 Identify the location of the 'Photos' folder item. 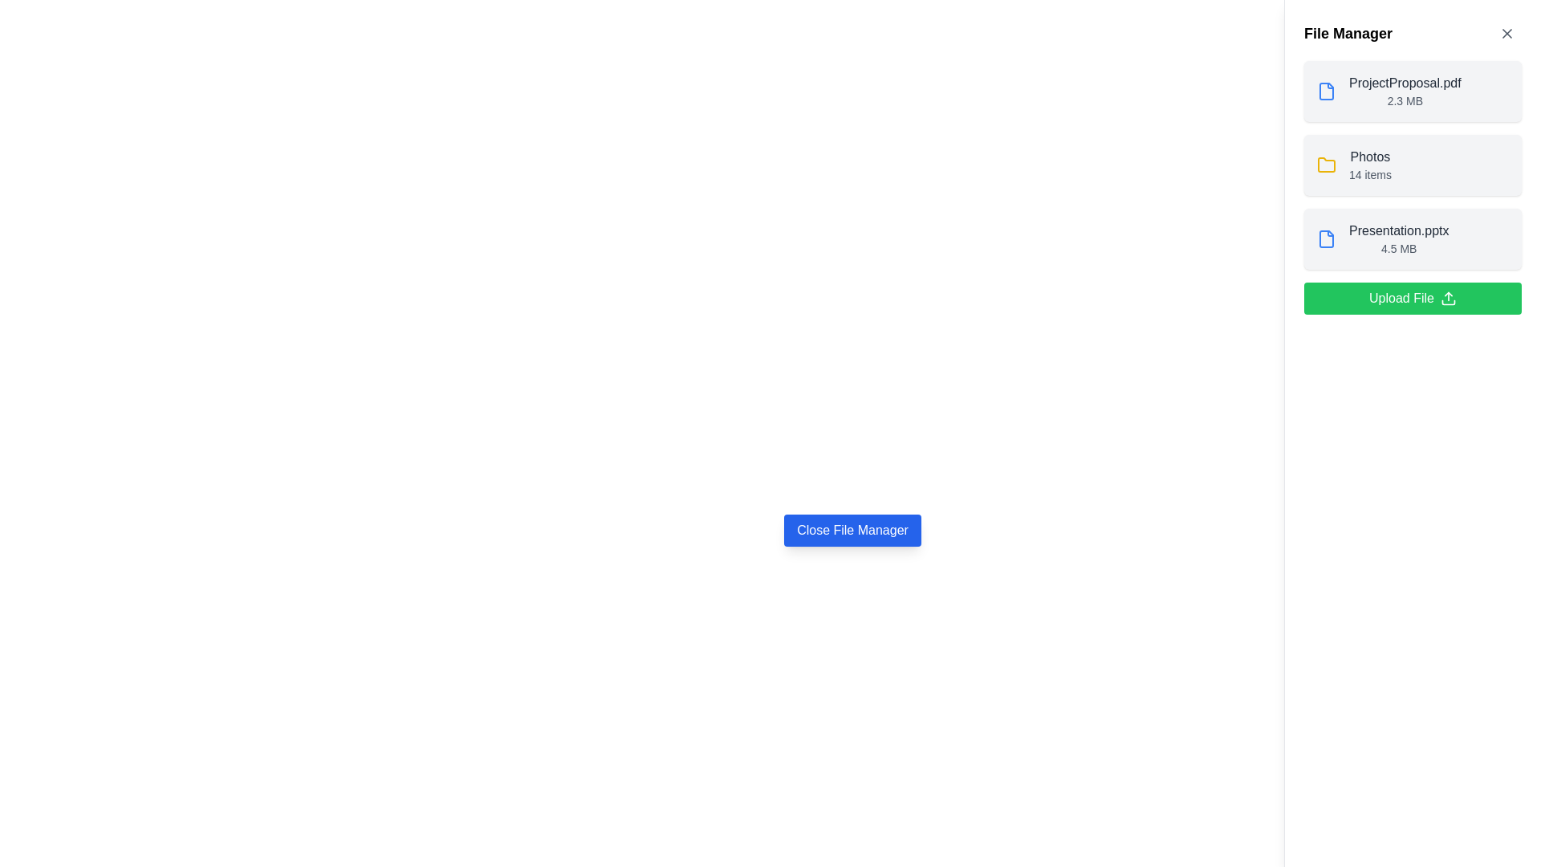
(1413, 165).